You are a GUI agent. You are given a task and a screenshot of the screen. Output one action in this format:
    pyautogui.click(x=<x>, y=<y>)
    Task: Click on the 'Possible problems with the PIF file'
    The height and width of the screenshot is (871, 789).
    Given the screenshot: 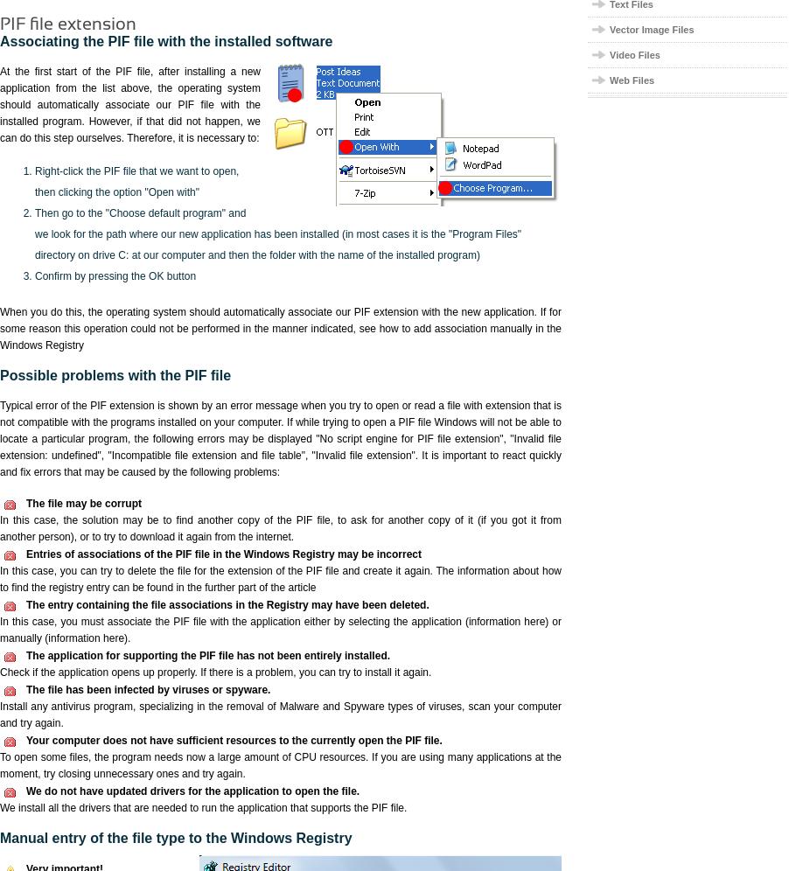 What is the action you would take?
    pyautogui.click(x=115, y=375)
    